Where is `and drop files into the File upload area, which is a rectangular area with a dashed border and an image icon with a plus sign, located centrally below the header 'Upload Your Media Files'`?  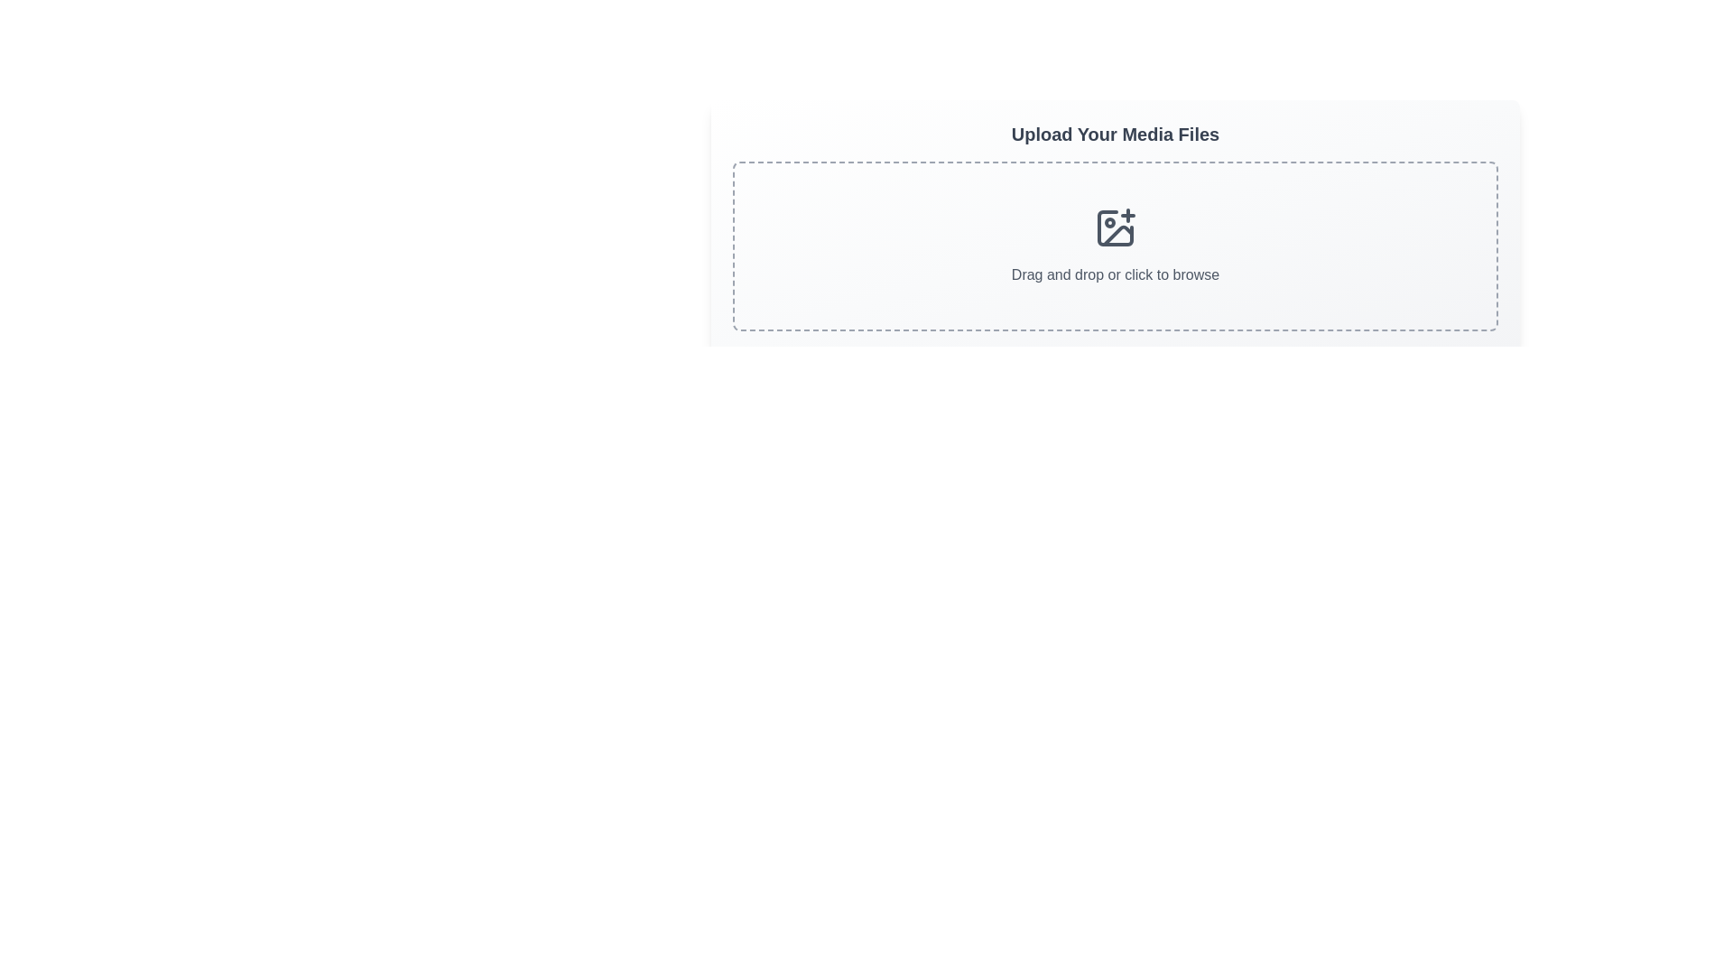 and drop files into the File upload area, which is a rectangular area with a dashed border and an image icon with a plus sign, located centrally below the header 'Upload Your Media Files' is located at coordinates (1115, 246).